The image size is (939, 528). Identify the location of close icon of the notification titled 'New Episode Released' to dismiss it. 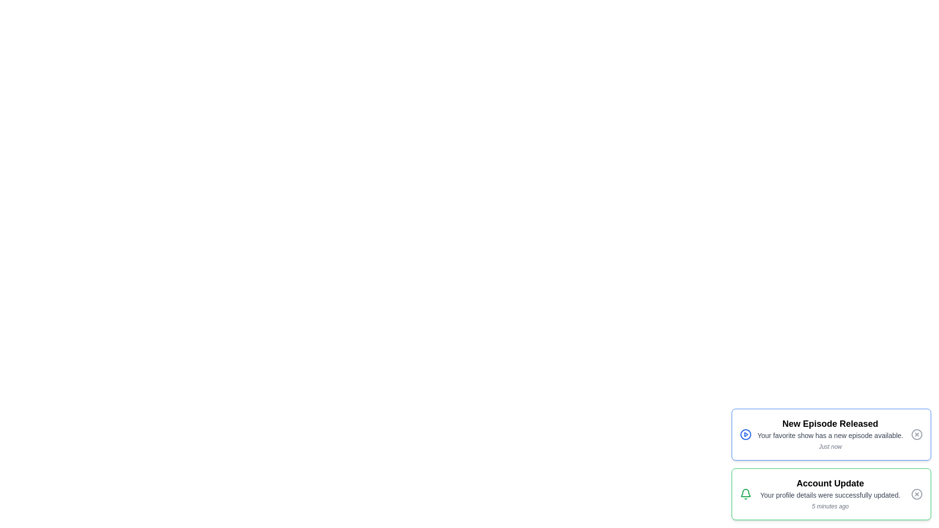
(917, 434).